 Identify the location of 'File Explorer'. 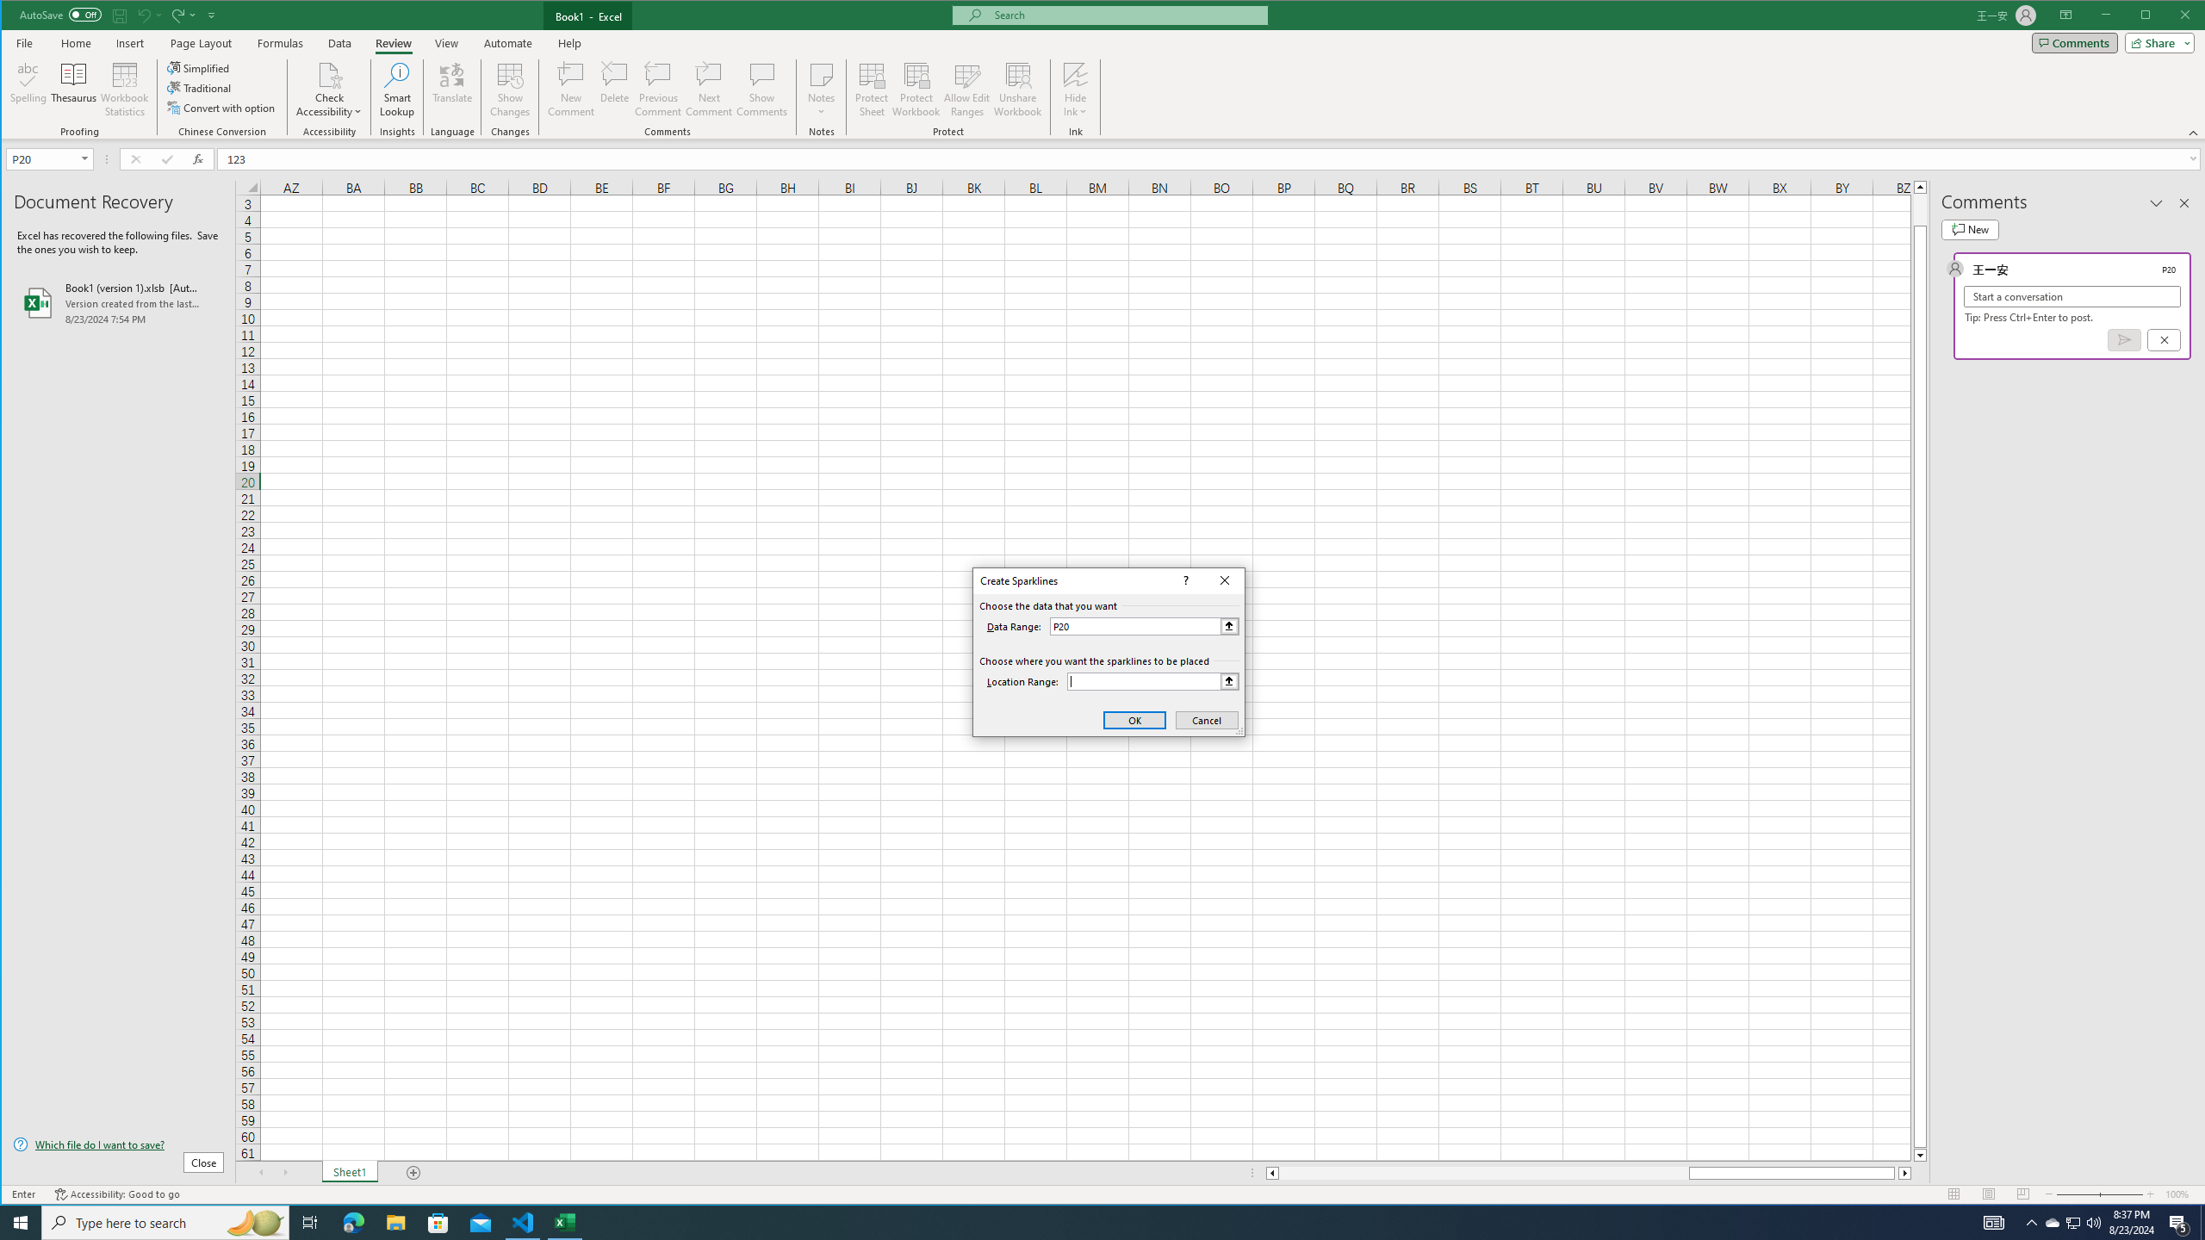
(394, 1221).